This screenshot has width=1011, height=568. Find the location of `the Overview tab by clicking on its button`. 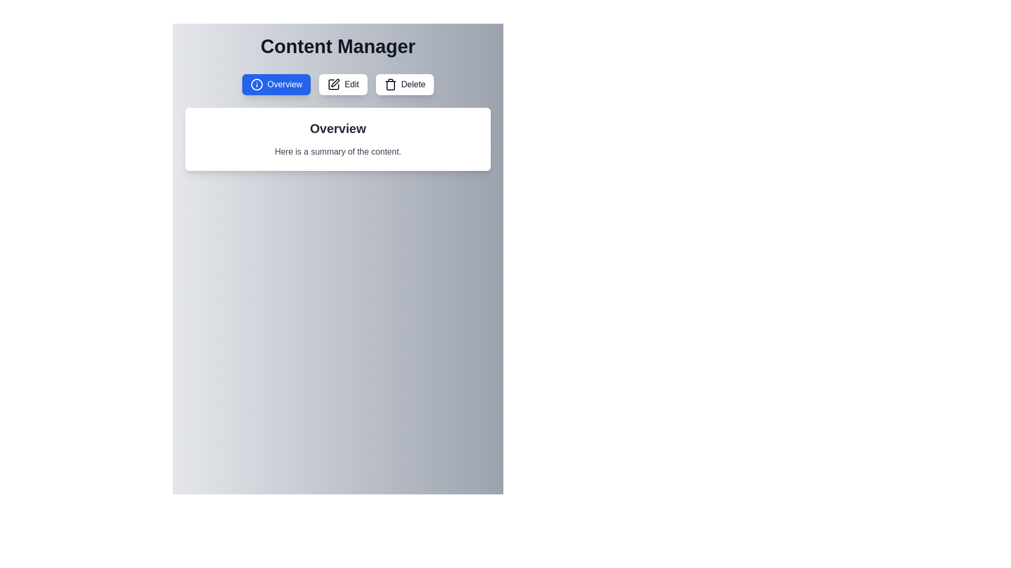

the Overview tab by clicking on its button is located at coordinates (276, 84).